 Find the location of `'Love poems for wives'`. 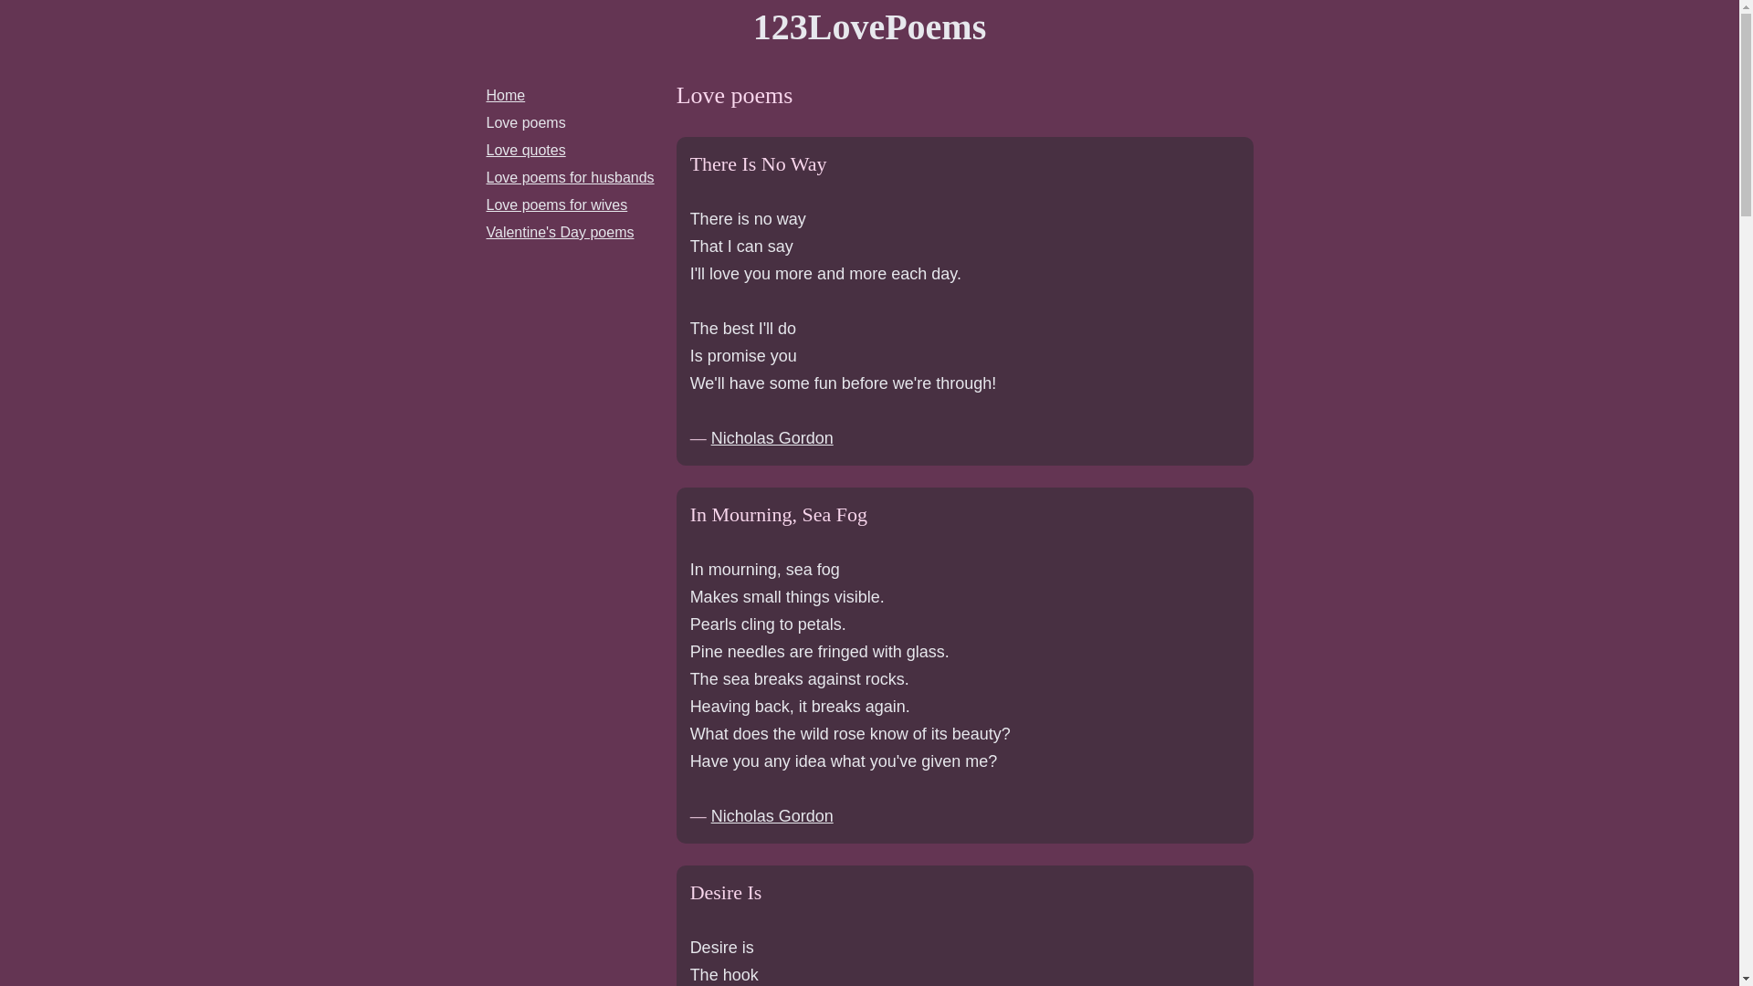

'Love poems for wives' is located at coordinates (555, 205).